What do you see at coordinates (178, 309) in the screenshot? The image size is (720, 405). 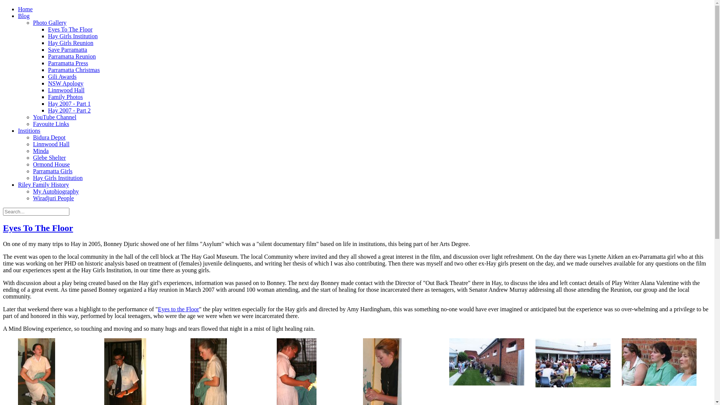 I see `'Eyes to the Floor'` at bounding box center [178, 309].